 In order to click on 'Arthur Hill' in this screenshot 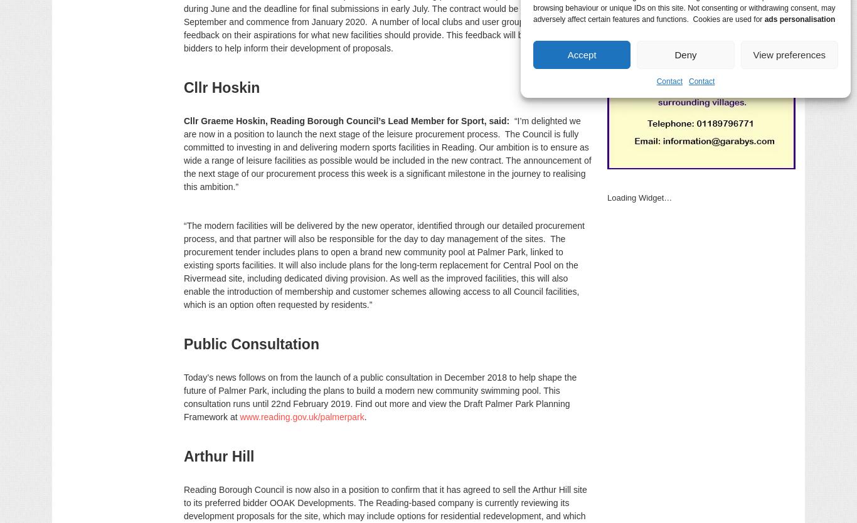, I will do `click(218, 456)`.